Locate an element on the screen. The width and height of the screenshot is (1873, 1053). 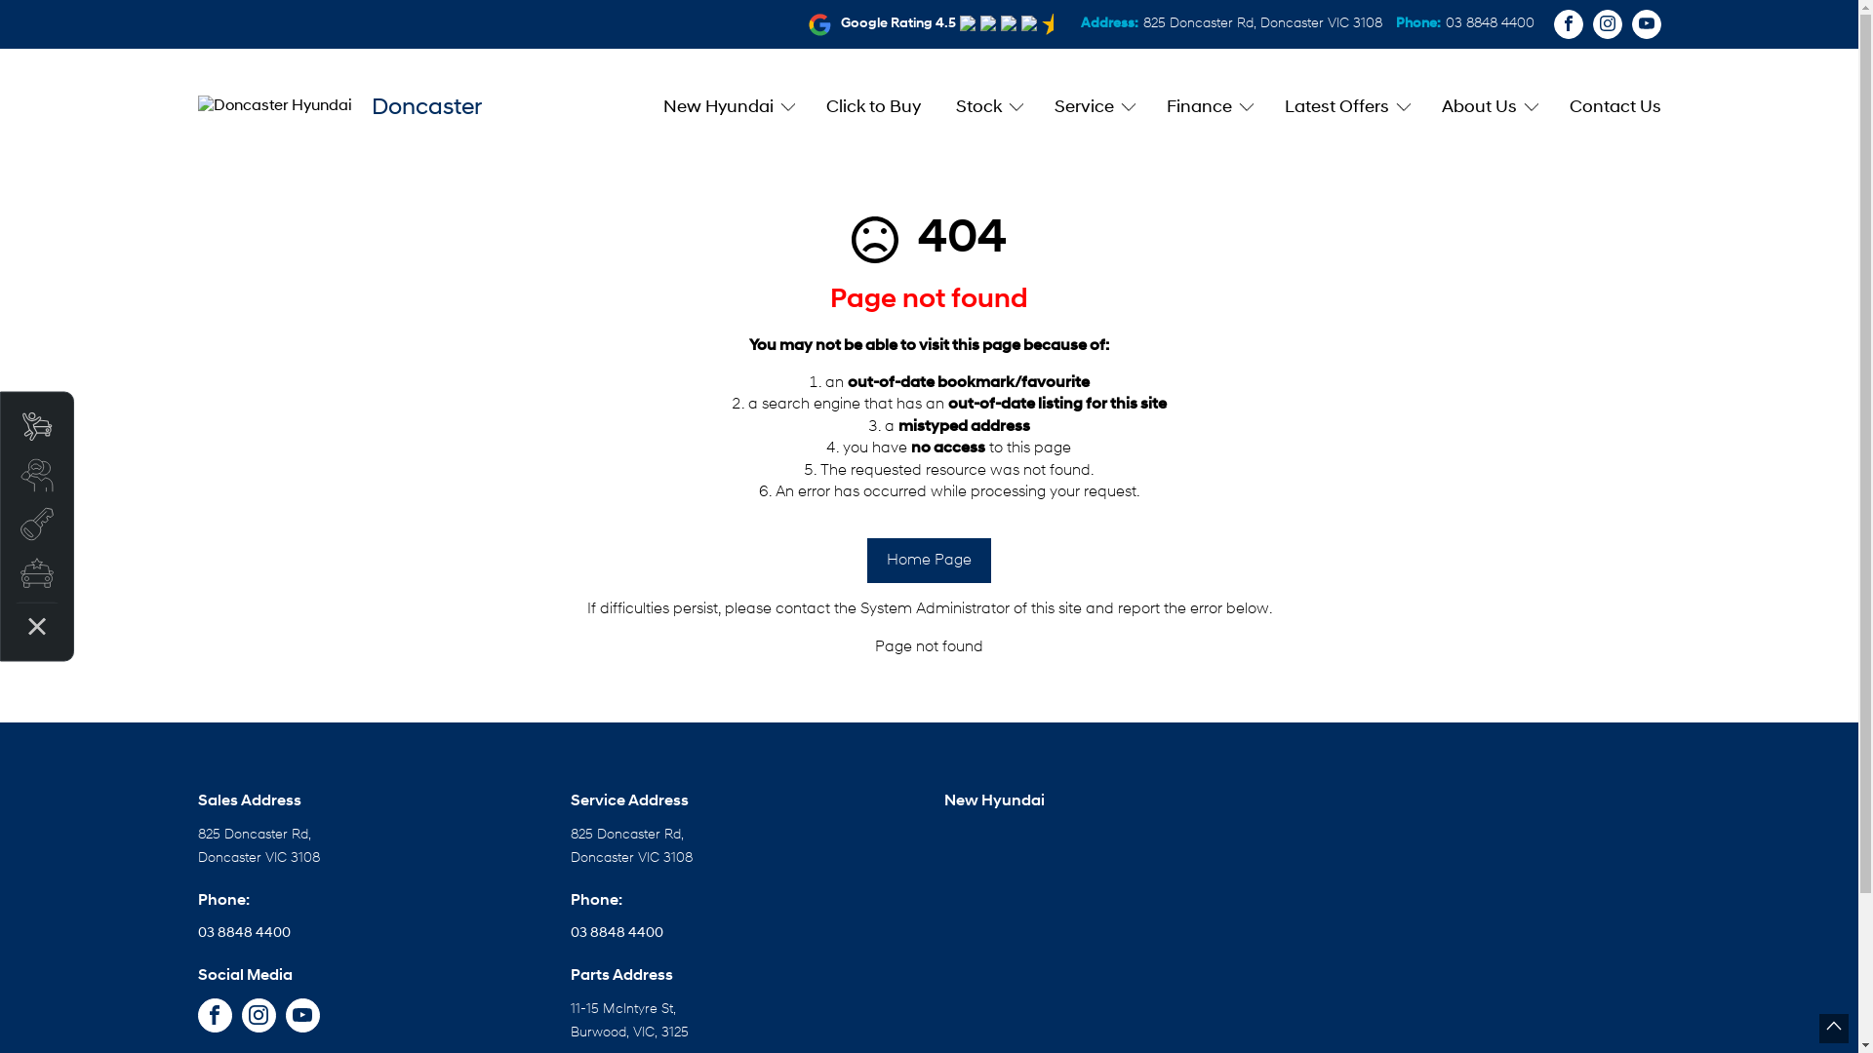
'Finance' is located at coordinates (1148, 105).